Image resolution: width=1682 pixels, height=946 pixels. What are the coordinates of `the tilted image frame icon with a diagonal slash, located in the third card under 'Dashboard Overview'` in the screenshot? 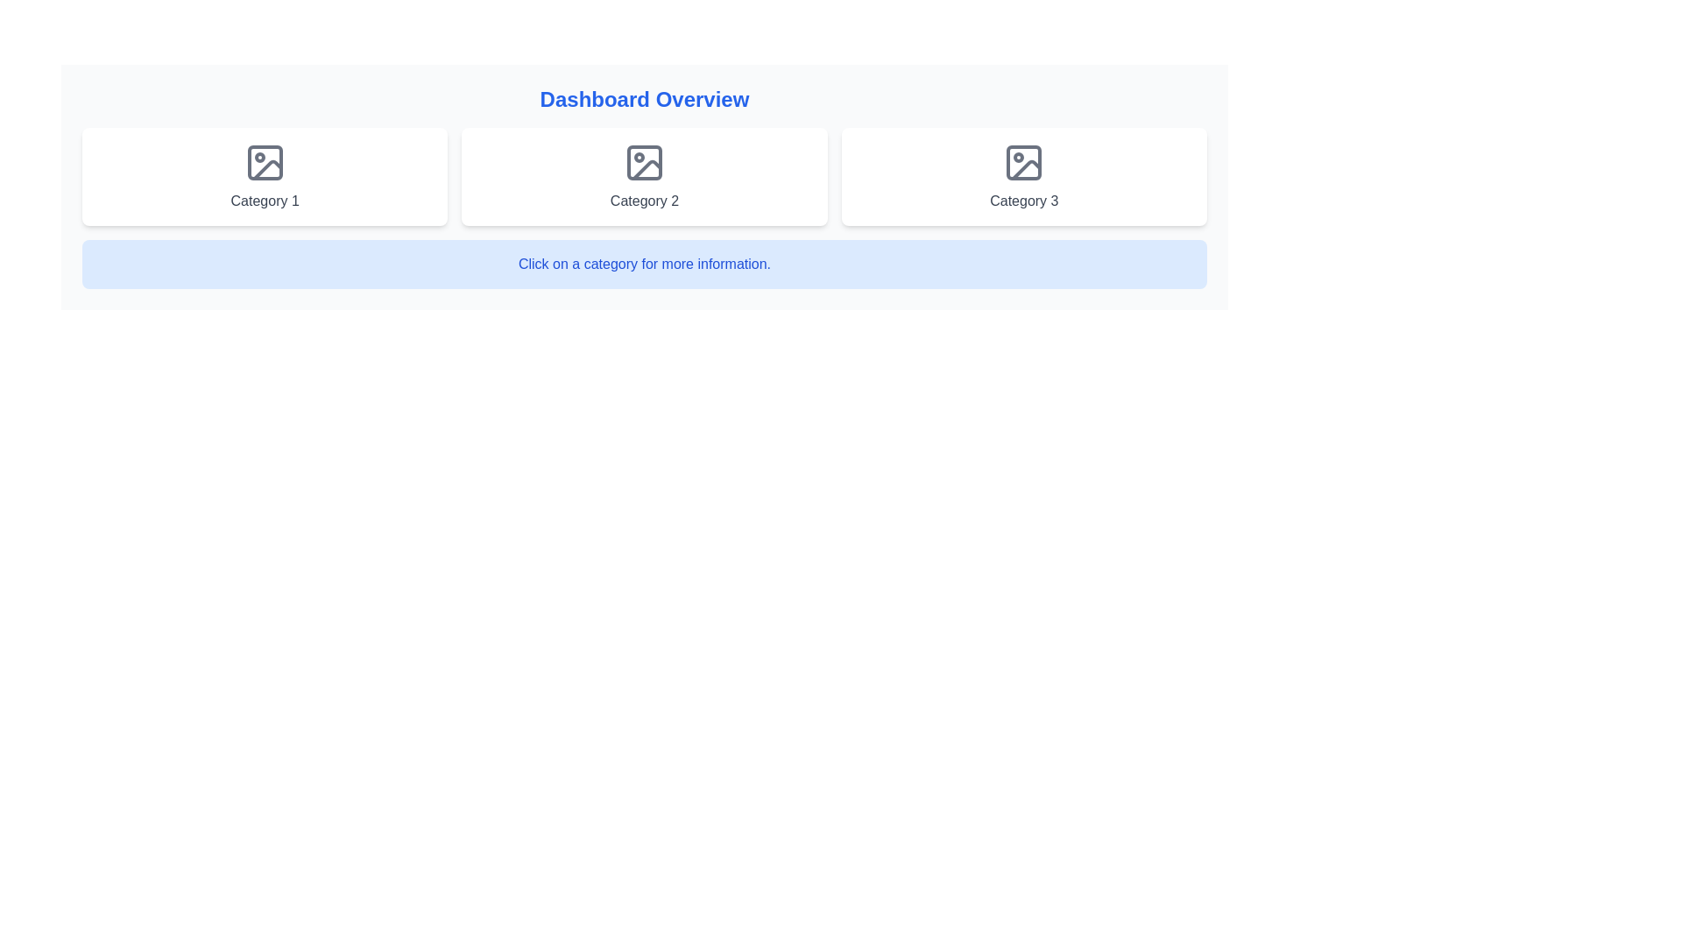 It's located at (1027, 170).